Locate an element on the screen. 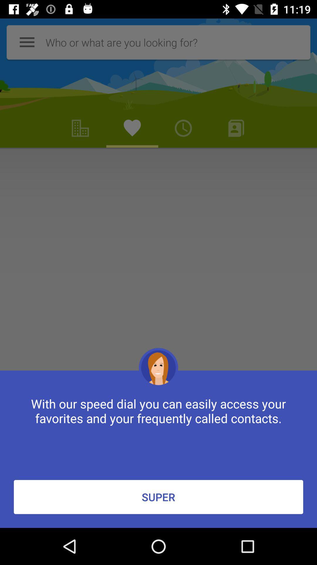  the heart symbol is located at coordinates (132, 128).